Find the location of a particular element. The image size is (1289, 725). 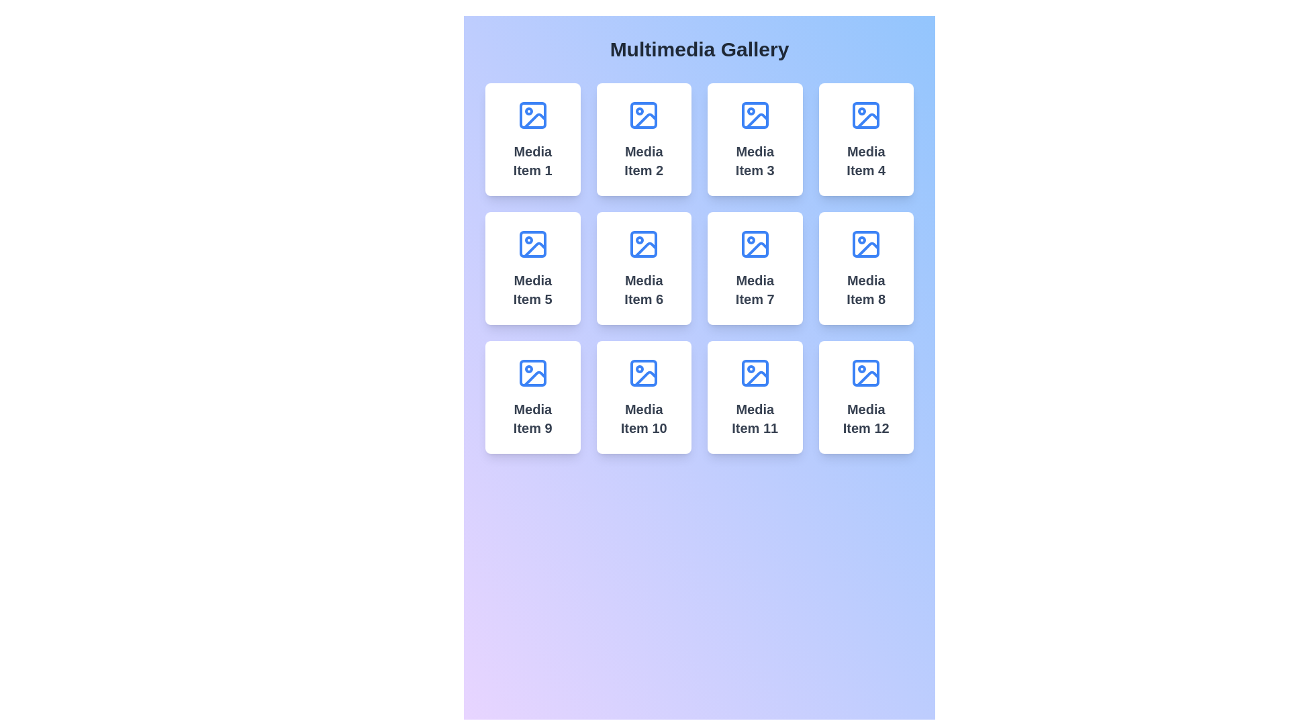

the Card component located in the multimedia gallery, which displays a title and an icon, positioned in the second row and second column of the grid layout is located at coordinates (643, 269).